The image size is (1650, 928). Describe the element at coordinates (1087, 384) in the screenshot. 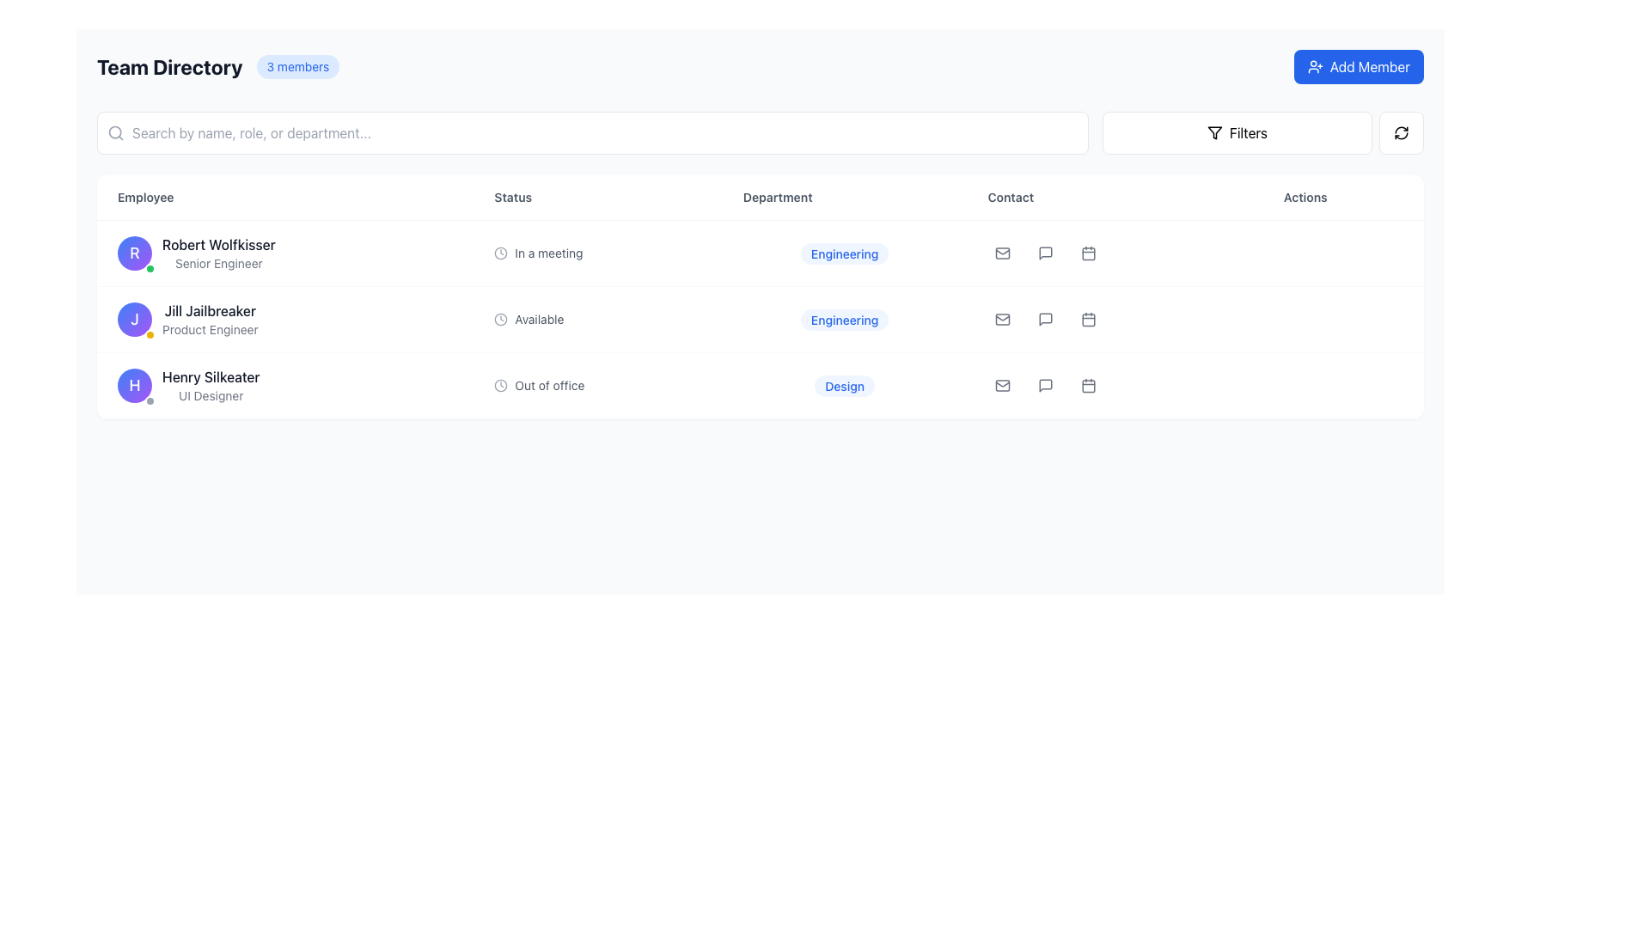

I see `the calendar icon button, which is the fourth interactive item under the 'Actions' column for employee Henry Silkeater` at that location.